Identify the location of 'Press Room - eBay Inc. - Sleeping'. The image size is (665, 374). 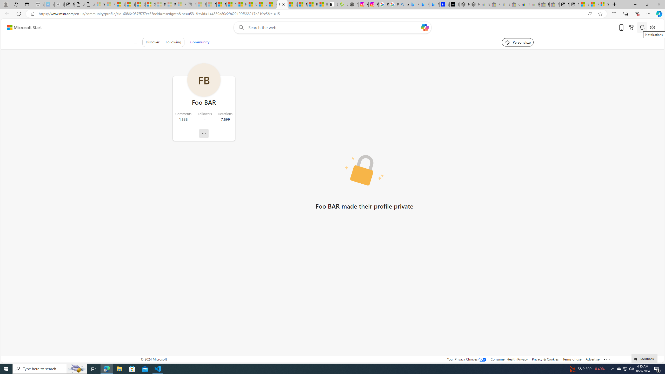
(544, 4).